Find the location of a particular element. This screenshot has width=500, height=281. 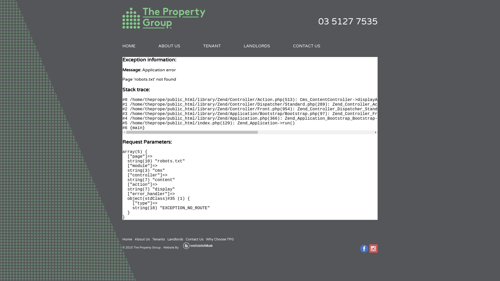

'Home' is located at coordinates (127, 239).